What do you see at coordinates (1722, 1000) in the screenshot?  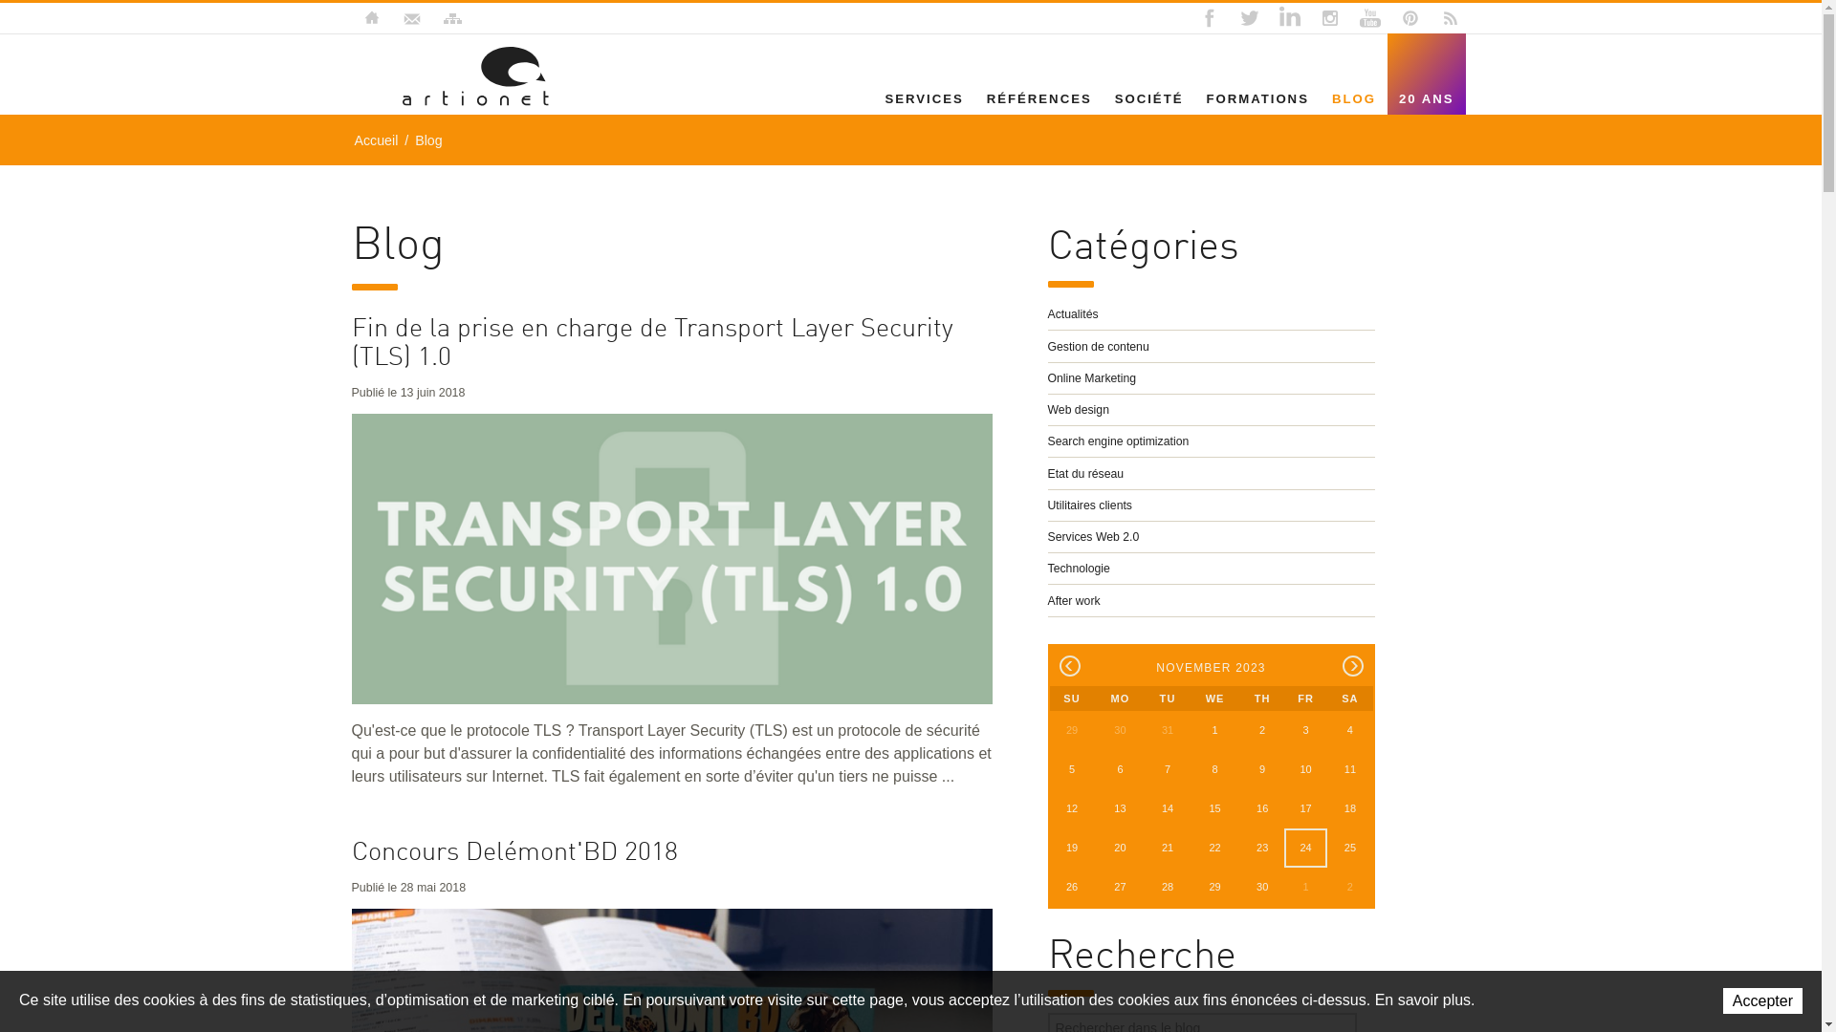 I see `'Accepter'` at bounding box center [1722, 1000].